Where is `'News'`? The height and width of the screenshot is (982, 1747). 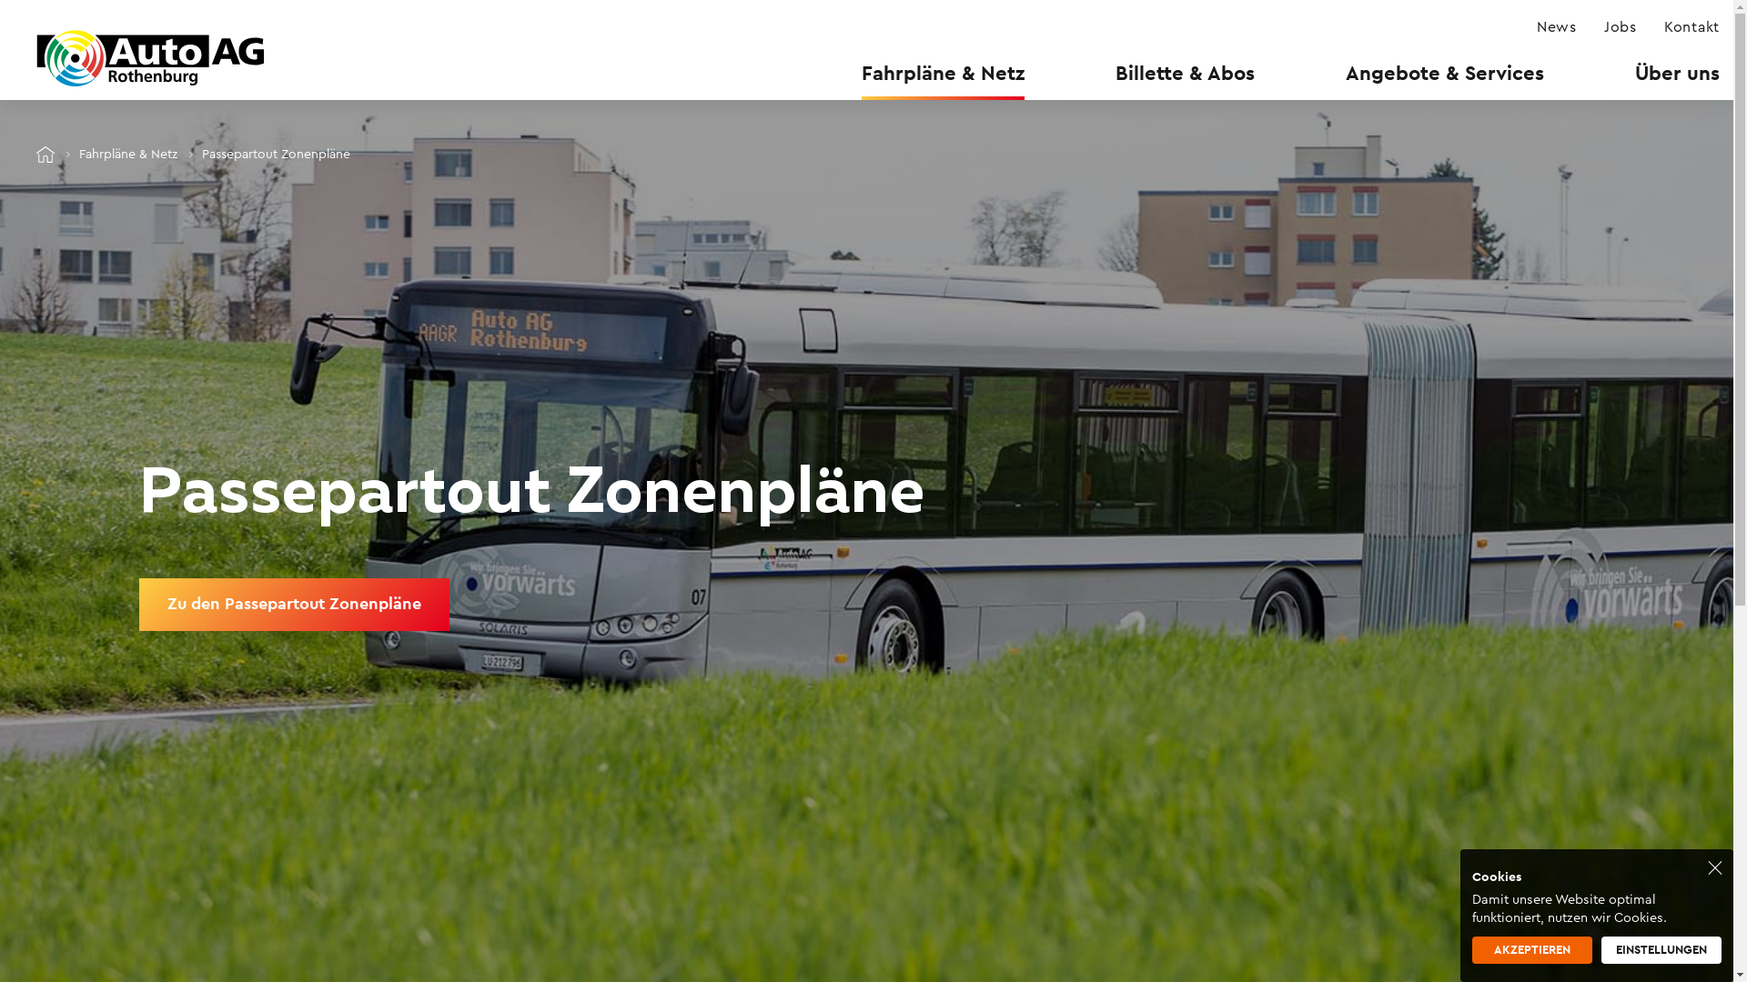
'News' is located at coordinates (1536, 27).